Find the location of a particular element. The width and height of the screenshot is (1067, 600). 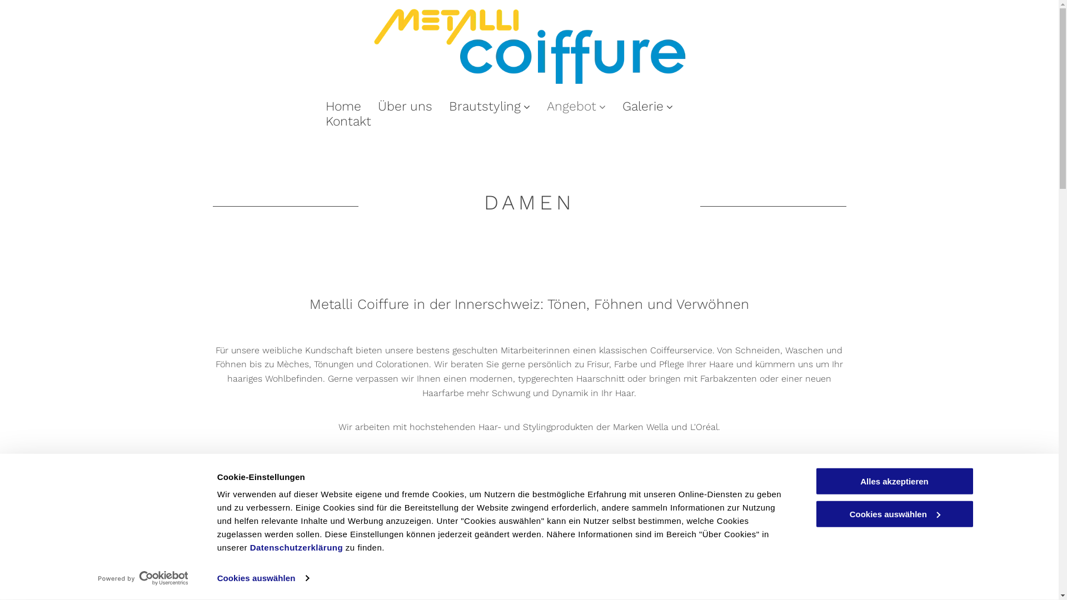

'Angebot' is located at coordinates (538, 106).